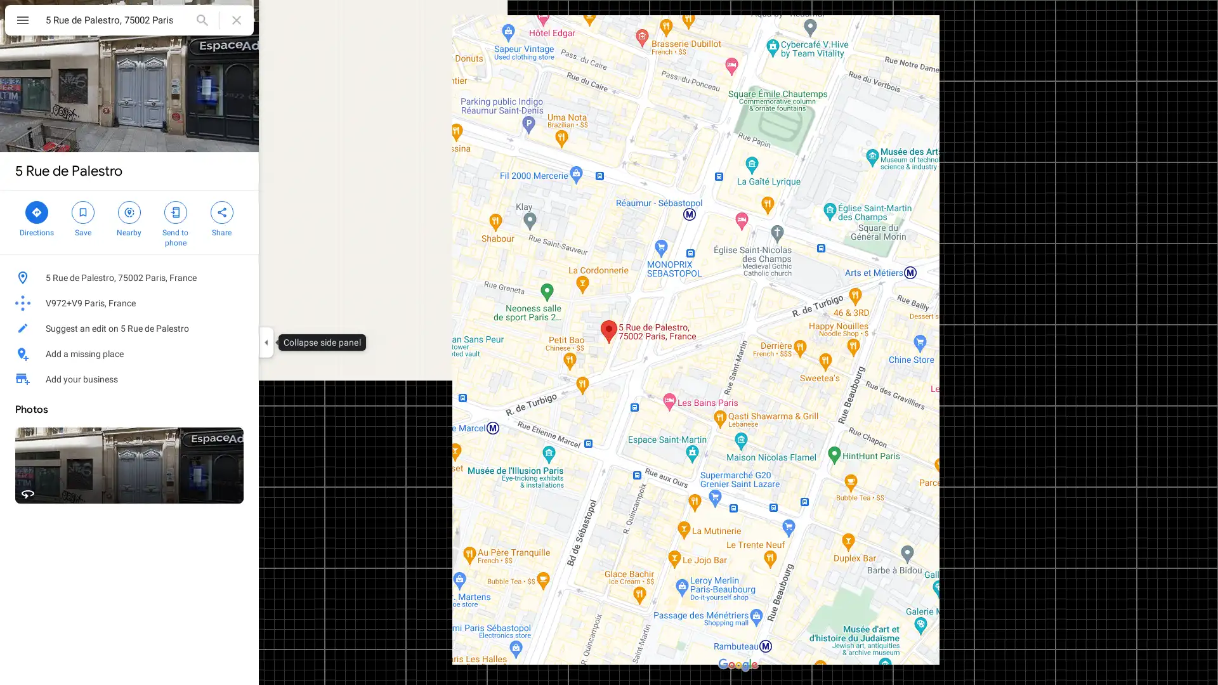 This screenshot has width=1218, height=685. I want to click on Search nearby 5 Rue de Palestro, so click(129, 217).